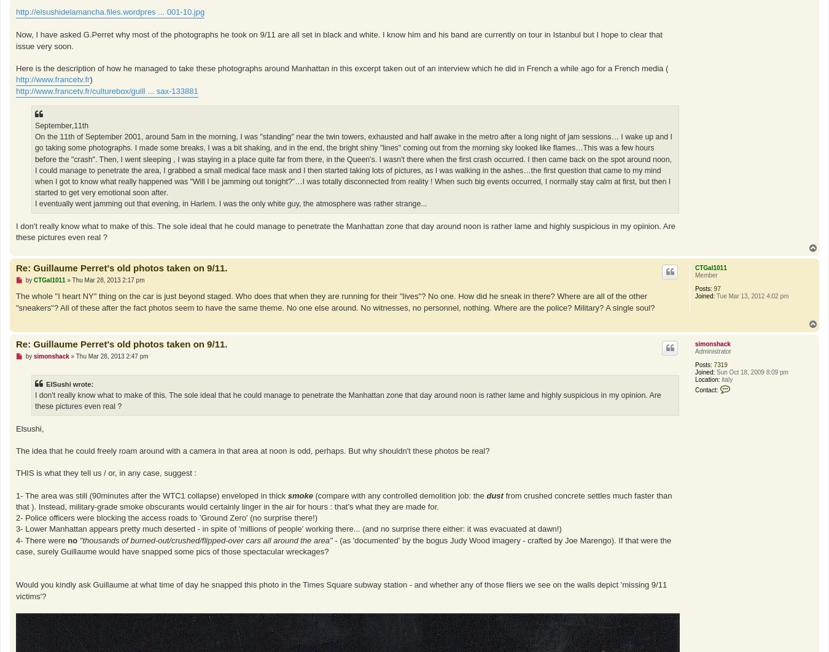 The image size is (829, 652). What do you see at coordinates (287, 528) in the screenshot?
I see `'3- Lower Manhattan appears pretty much deserted - in spite of 'millions of people' working there... (and no surprise there either: it was evacuated at dawn!)'` at bounding box center [287, 528].